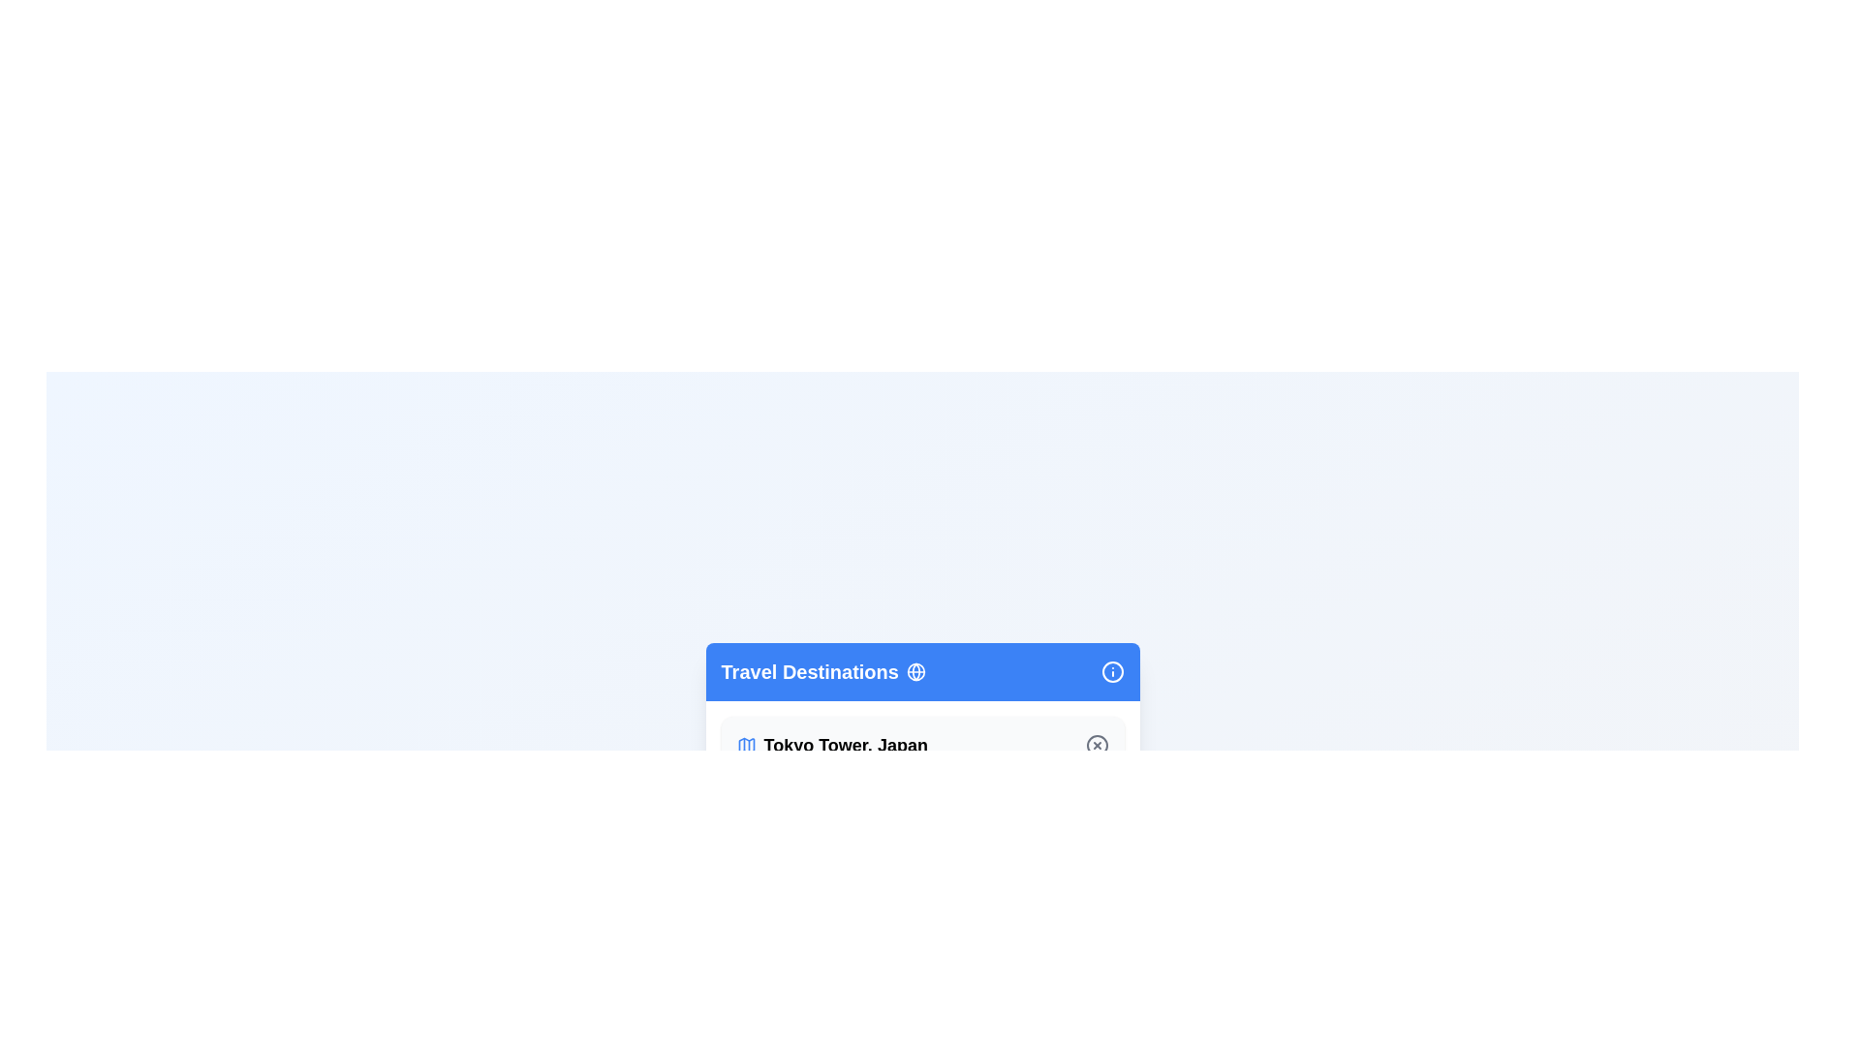  Describe the element at coordinates (921, 671) in the screenshot. I see `the header bar that serves as a title for travel destinations` at that location.